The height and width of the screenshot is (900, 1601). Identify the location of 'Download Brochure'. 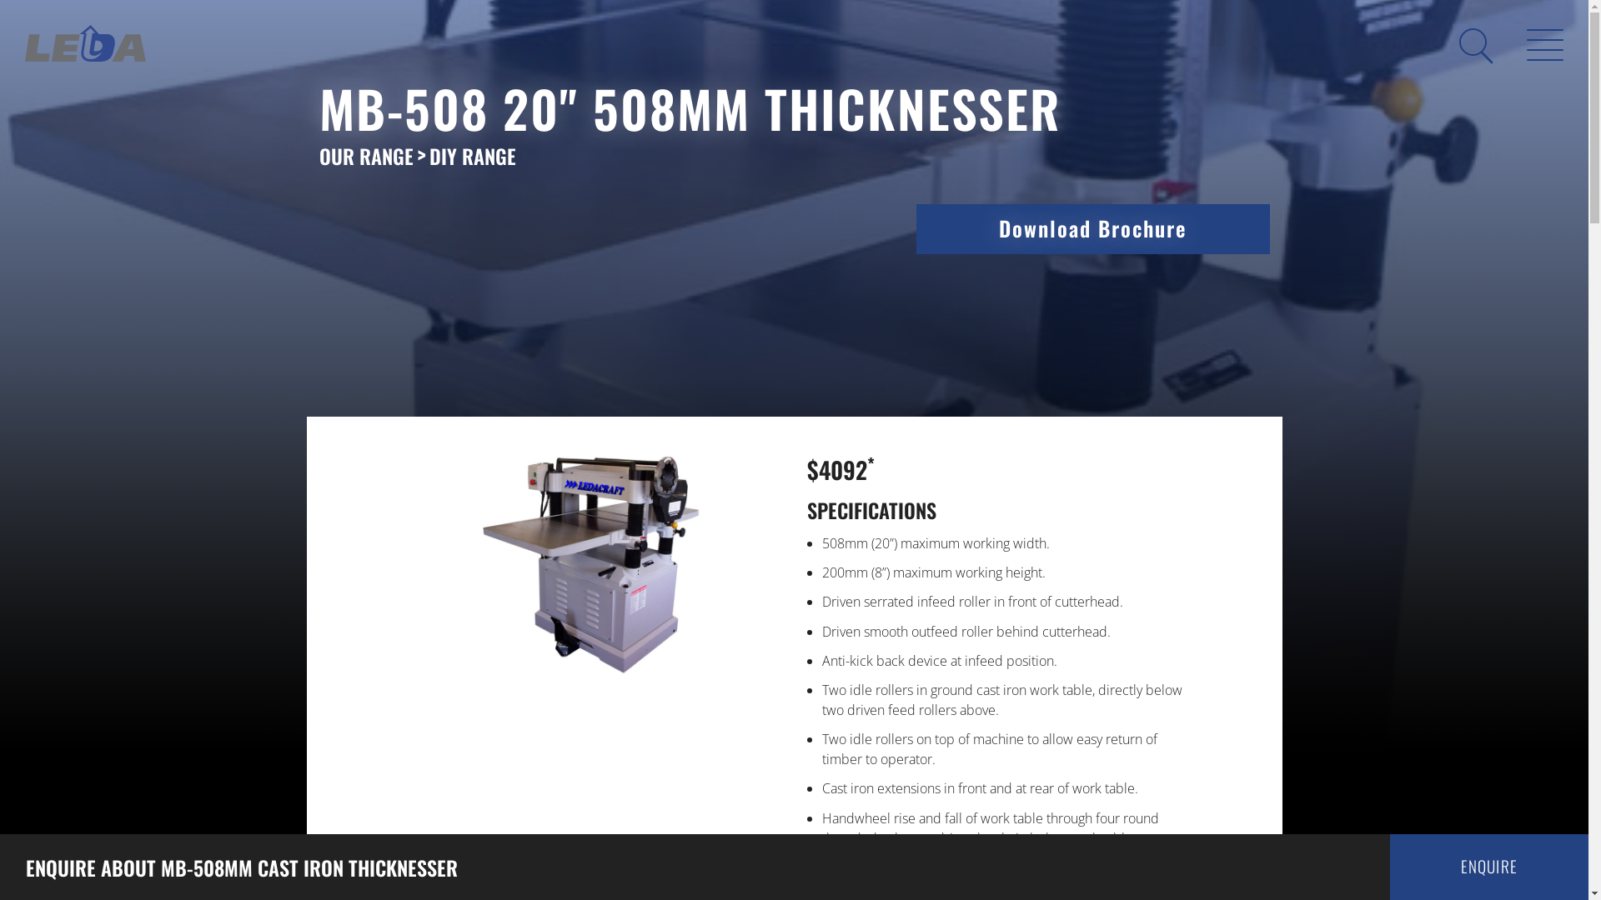
(1092, 228).